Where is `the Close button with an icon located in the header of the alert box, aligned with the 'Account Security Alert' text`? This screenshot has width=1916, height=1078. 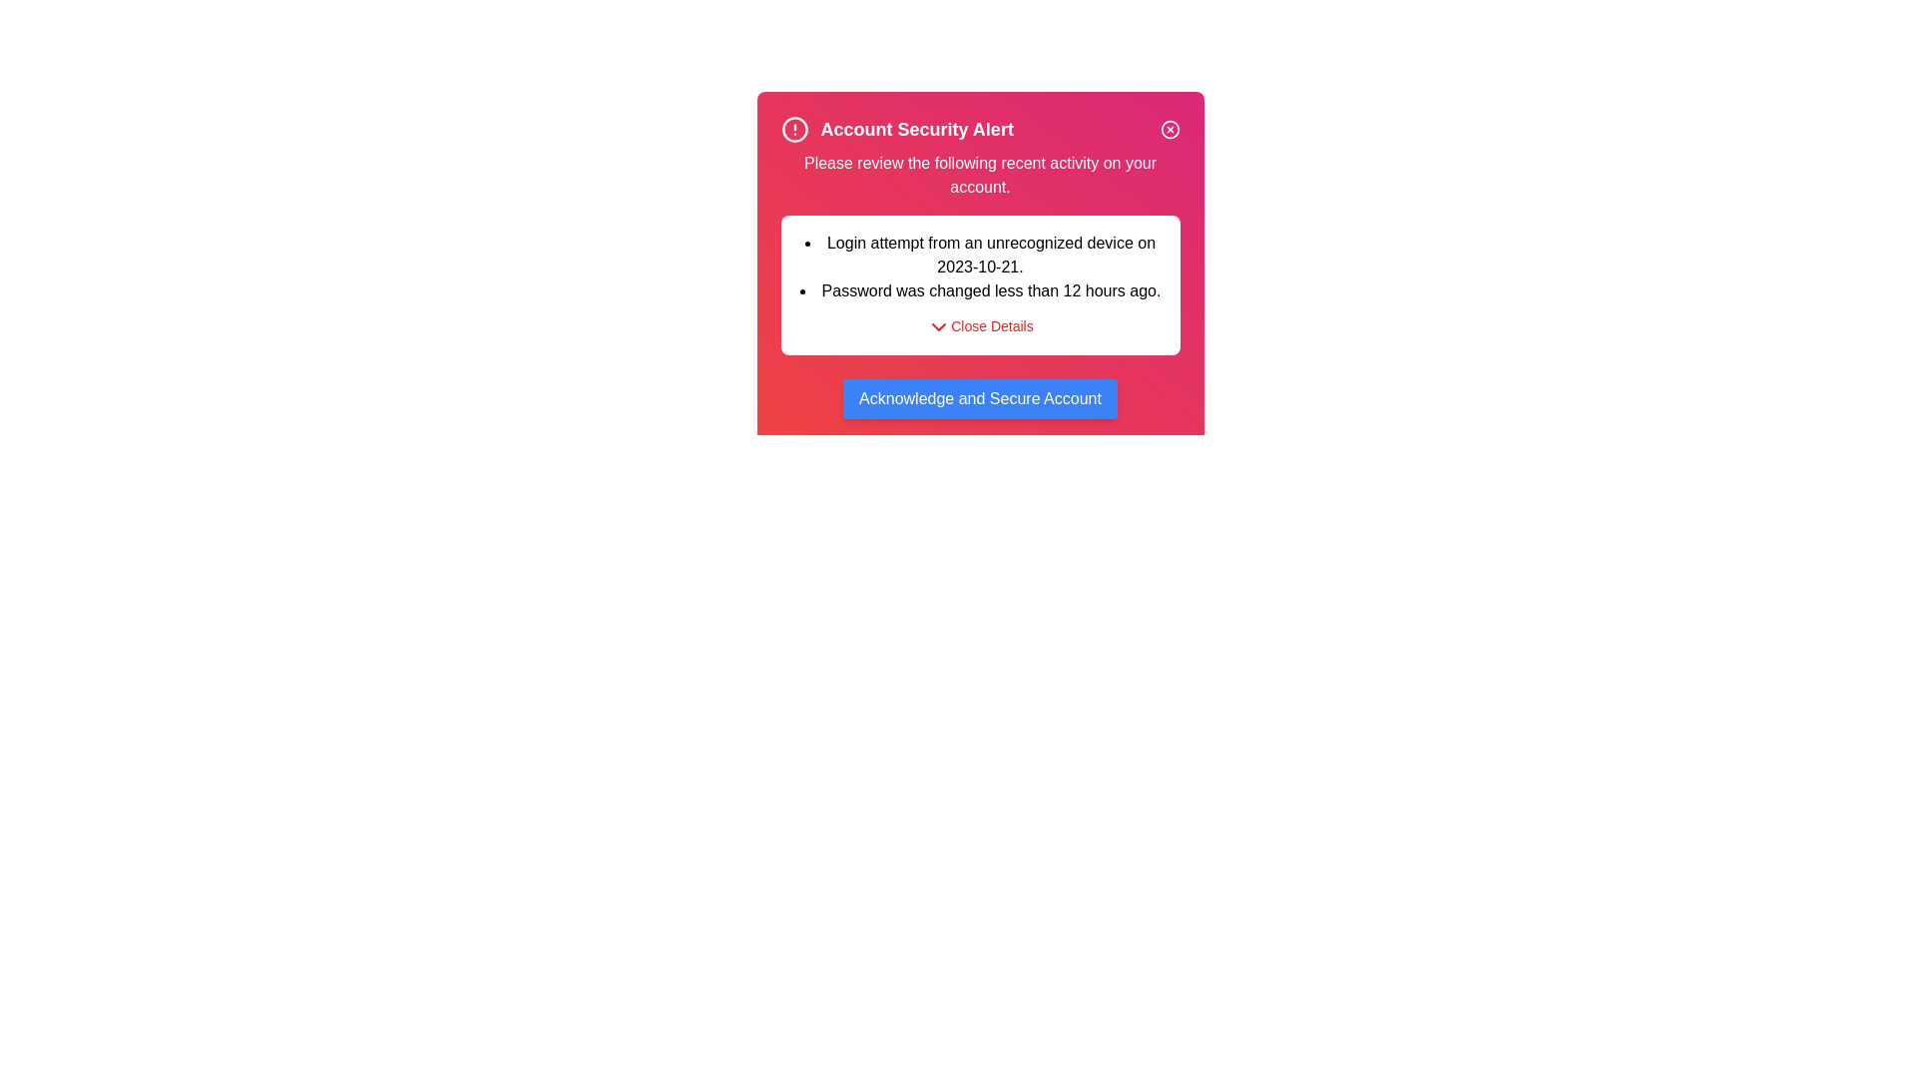
the Close button with an icon located in the header of the alert box, aligned with the 'Account Security Alert' text is located at coordinates (1170, 130).